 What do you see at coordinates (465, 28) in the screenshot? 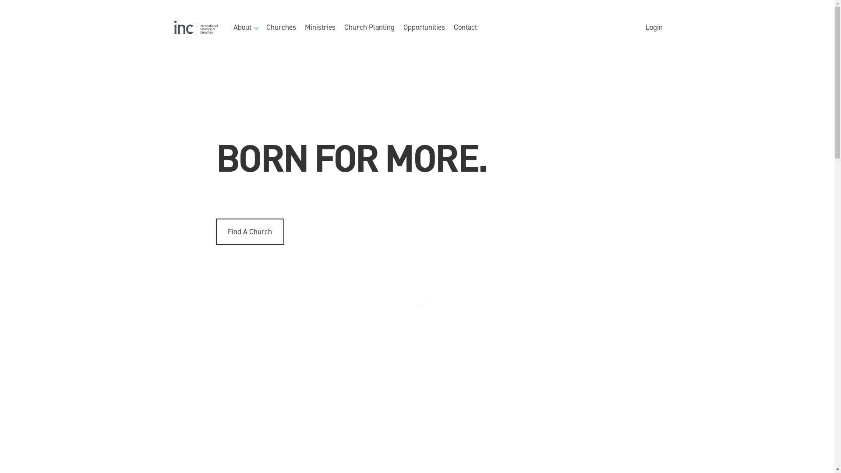
I see `'Contact'` at bounding box center [465, 28].